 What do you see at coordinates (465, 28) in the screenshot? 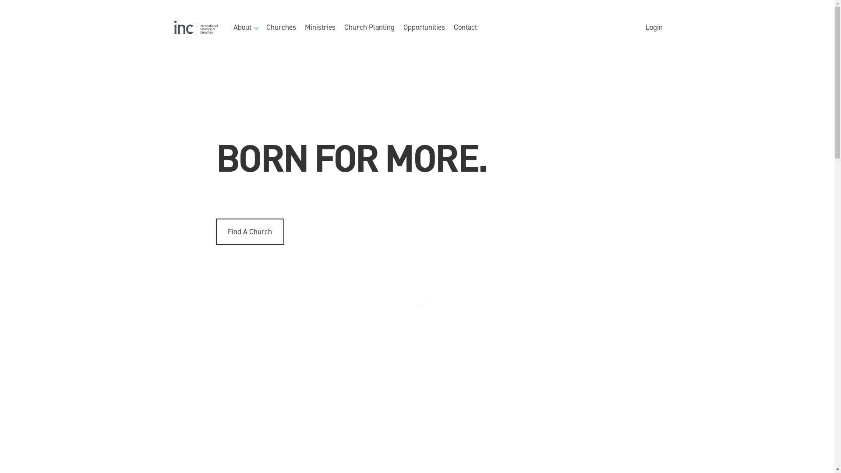
I see `'Contact'` at bounding box center [465, 28].